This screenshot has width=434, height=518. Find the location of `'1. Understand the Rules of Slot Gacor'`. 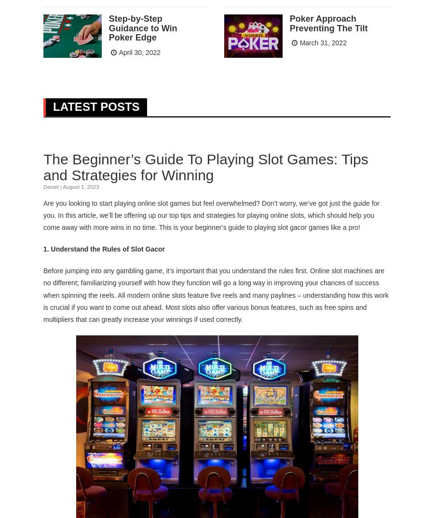

'1. Understand the Rules of Slot Gacor' is located at coordinates (104, 248).